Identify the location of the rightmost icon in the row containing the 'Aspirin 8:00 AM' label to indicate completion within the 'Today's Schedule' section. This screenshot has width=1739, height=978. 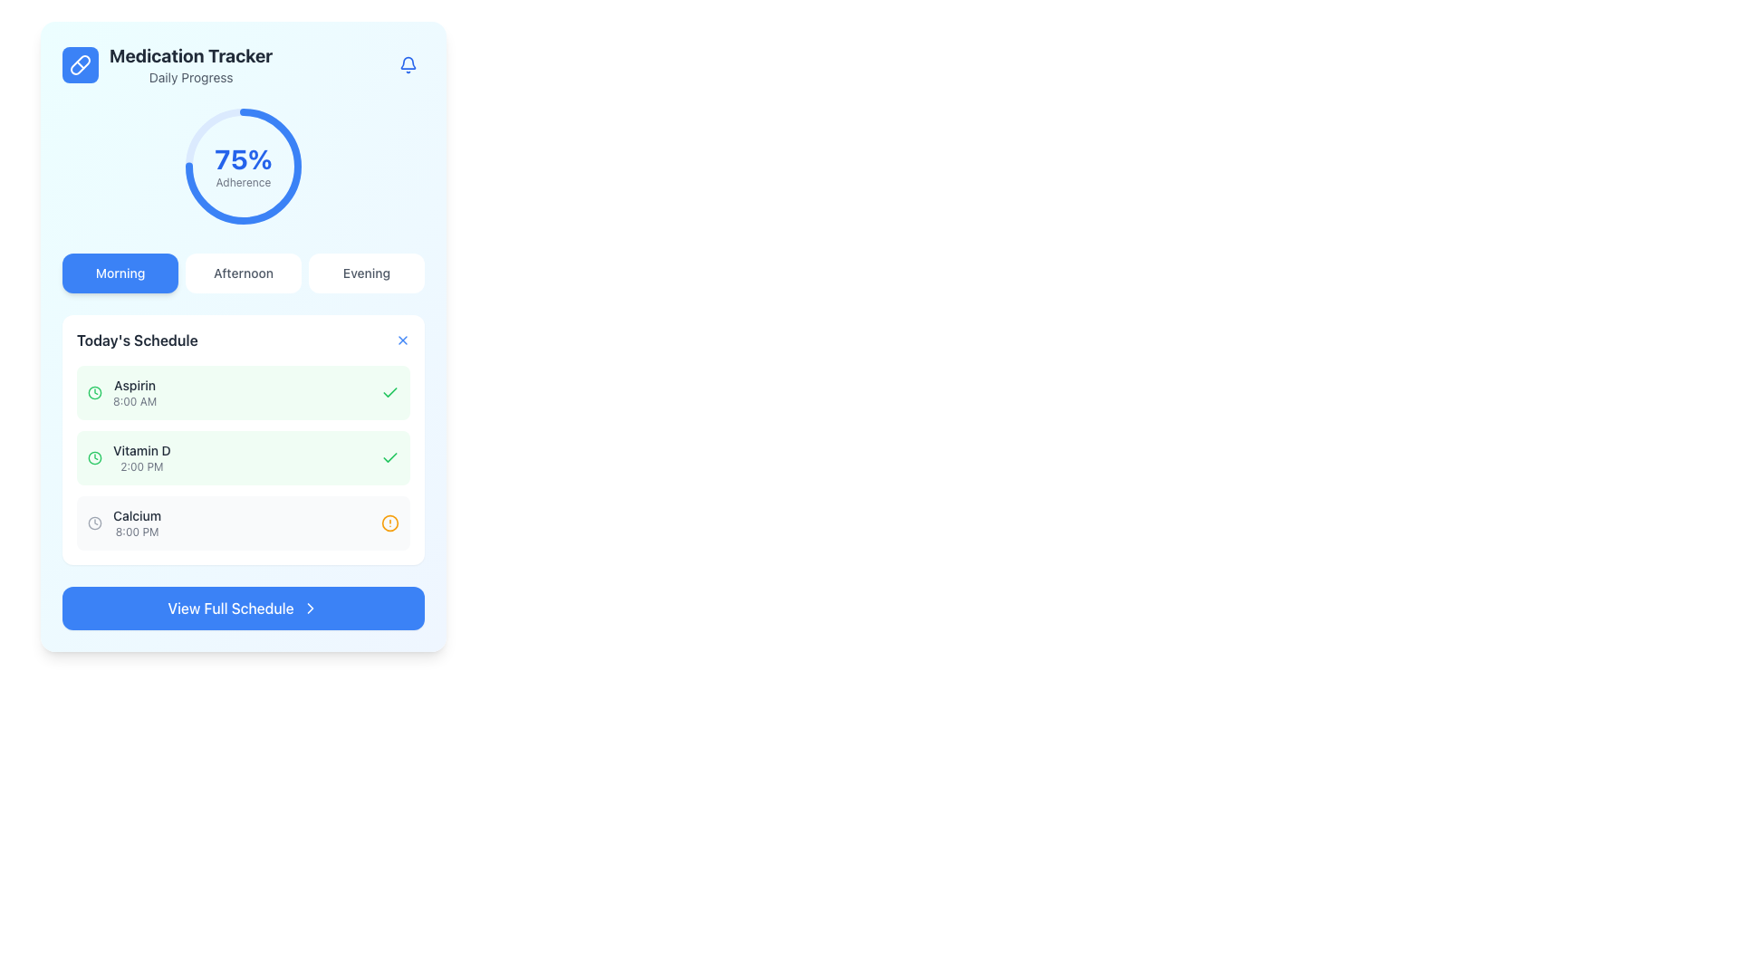
(389, 392).